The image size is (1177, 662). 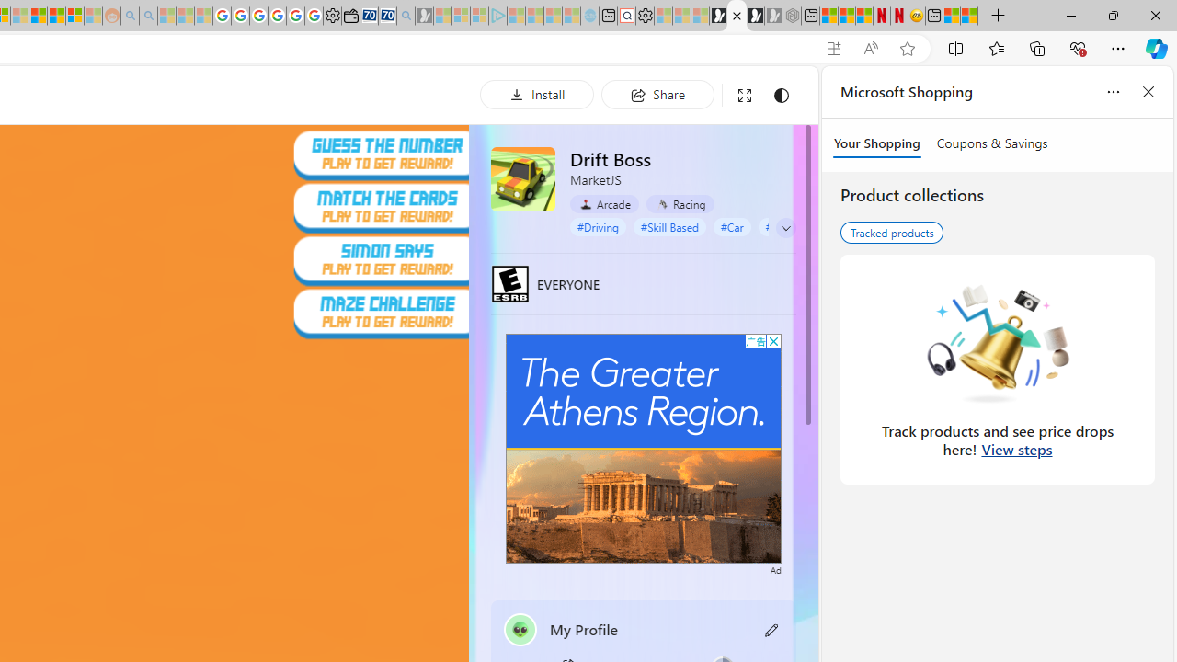 What do you see at coordinates (148, 16) in the screenshot?
I see `'Utah sues federal government - Search - Sleeping'` at bounding box center [148, 16].